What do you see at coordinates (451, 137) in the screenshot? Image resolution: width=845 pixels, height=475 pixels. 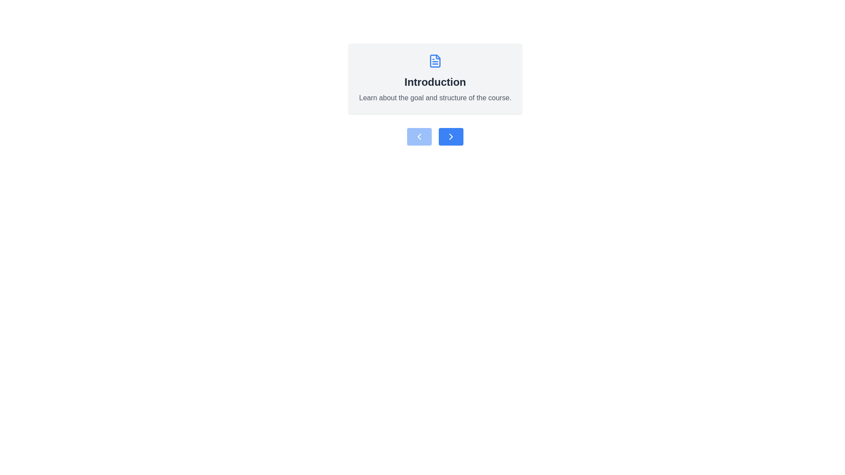 I see `the second button for navigation located below the heading 'Introduction' to receive visual feedback` at bounding box center [451, 137].